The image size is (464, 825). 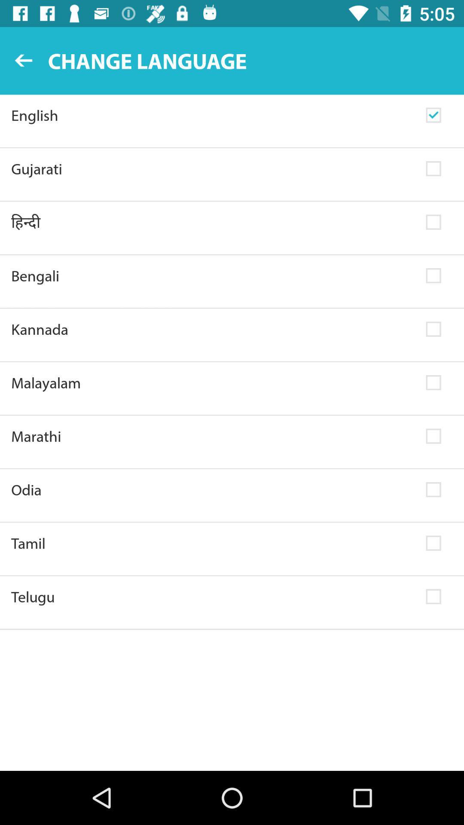 What do you see at coordinates (213, 490) in the screenshot?
I see `odia` at bounding box center [213, 490].